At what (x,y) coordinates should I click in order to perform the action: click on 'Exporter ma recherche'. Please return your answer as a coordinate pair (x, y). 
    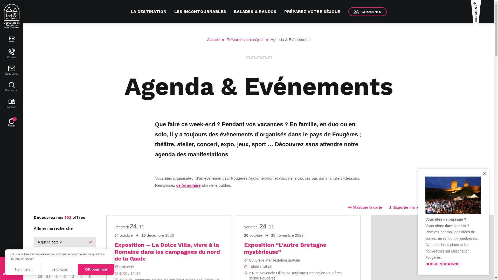
    Looking at the image, I should click on (388, 207).